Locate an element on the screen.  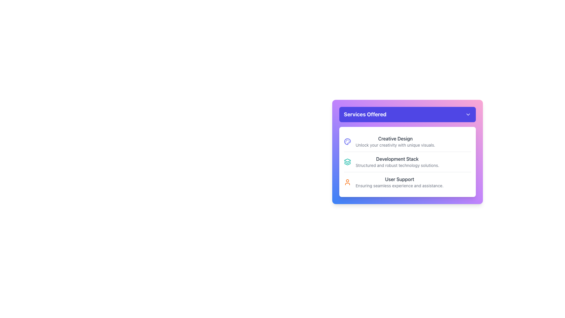
descriptions in the center section of the Card titled 'Development Stack', located below the 'Services Offered' header is located at coordinates (407, 162).